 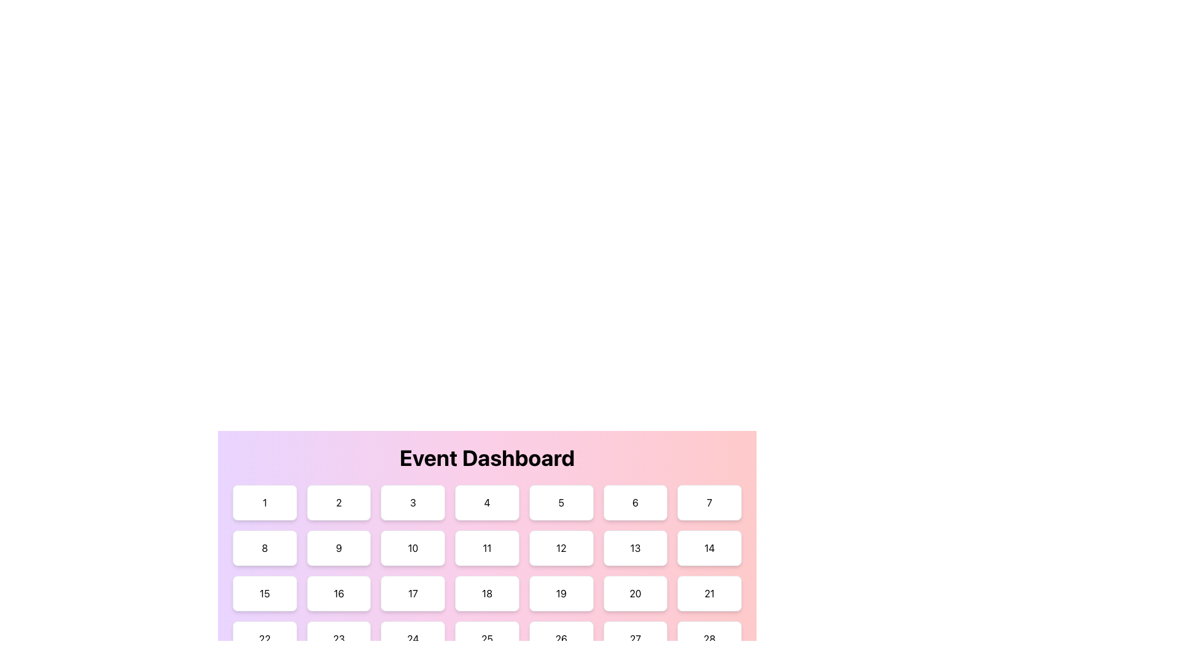 I want to click on the button labeled '16' which is a rectangular button with a white background and black text, styled with rounded corners and positioned in the 3rd row and 2nd column of a grid layout, so click(x=339, y=593).